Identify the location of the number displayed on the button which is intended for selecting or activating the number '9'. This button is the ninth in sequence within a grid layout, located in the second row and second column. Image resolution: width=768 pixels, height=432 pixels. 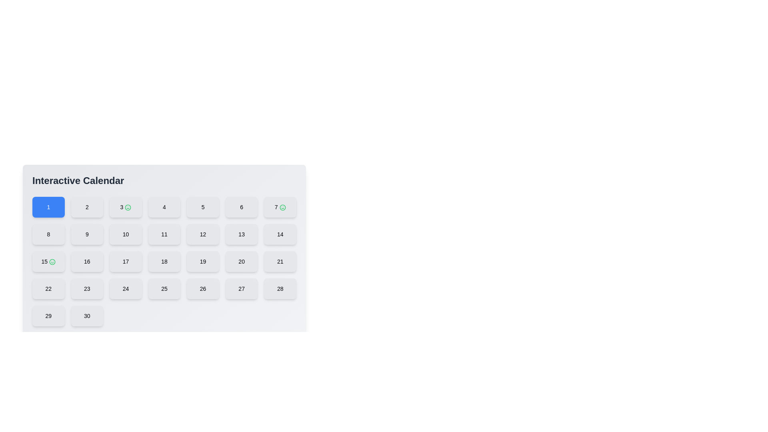
(87, 234).